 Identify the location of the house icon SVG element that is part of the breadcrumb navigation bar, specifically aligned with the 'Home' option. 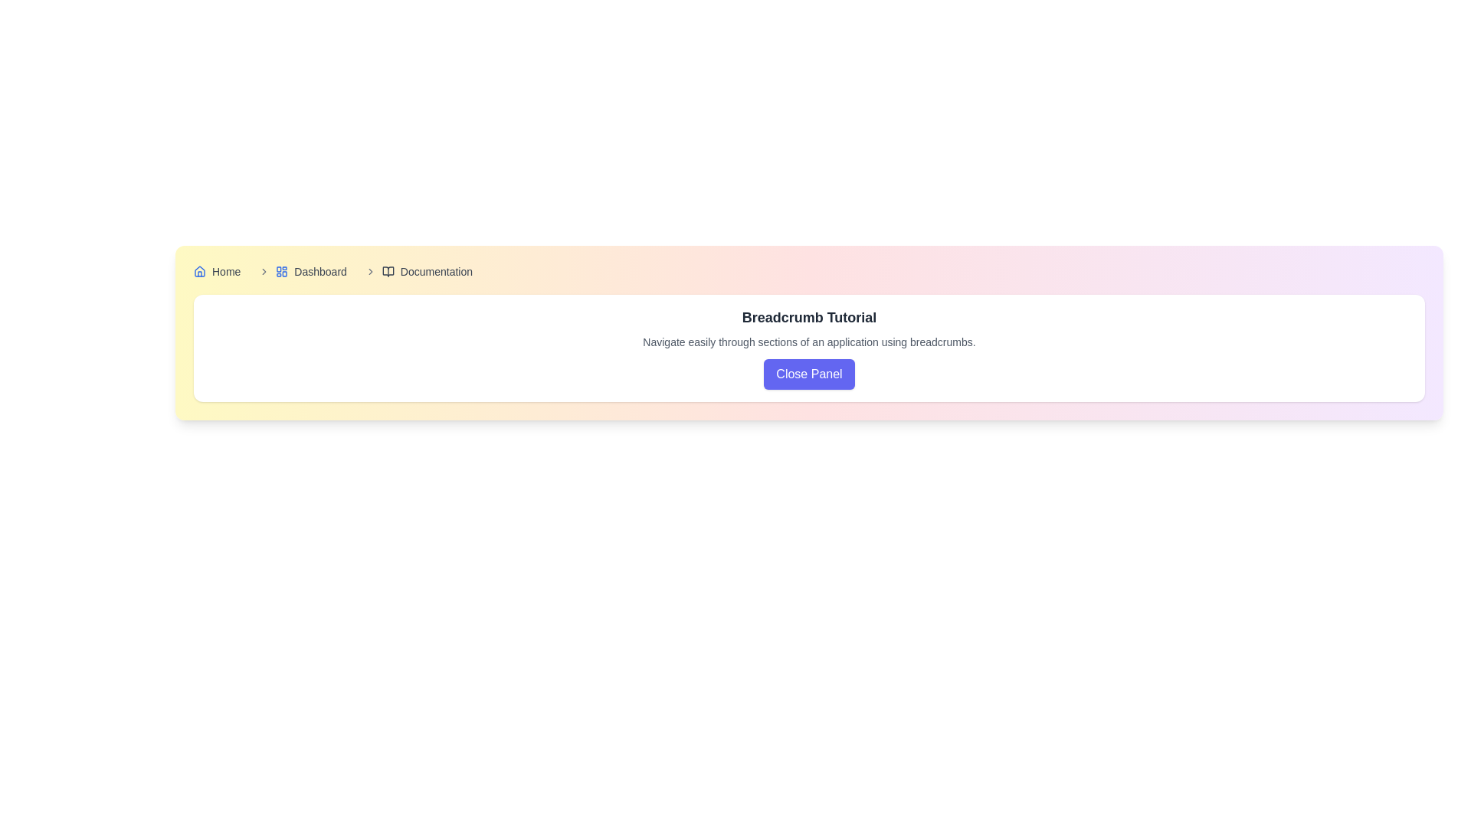
(198, 270).